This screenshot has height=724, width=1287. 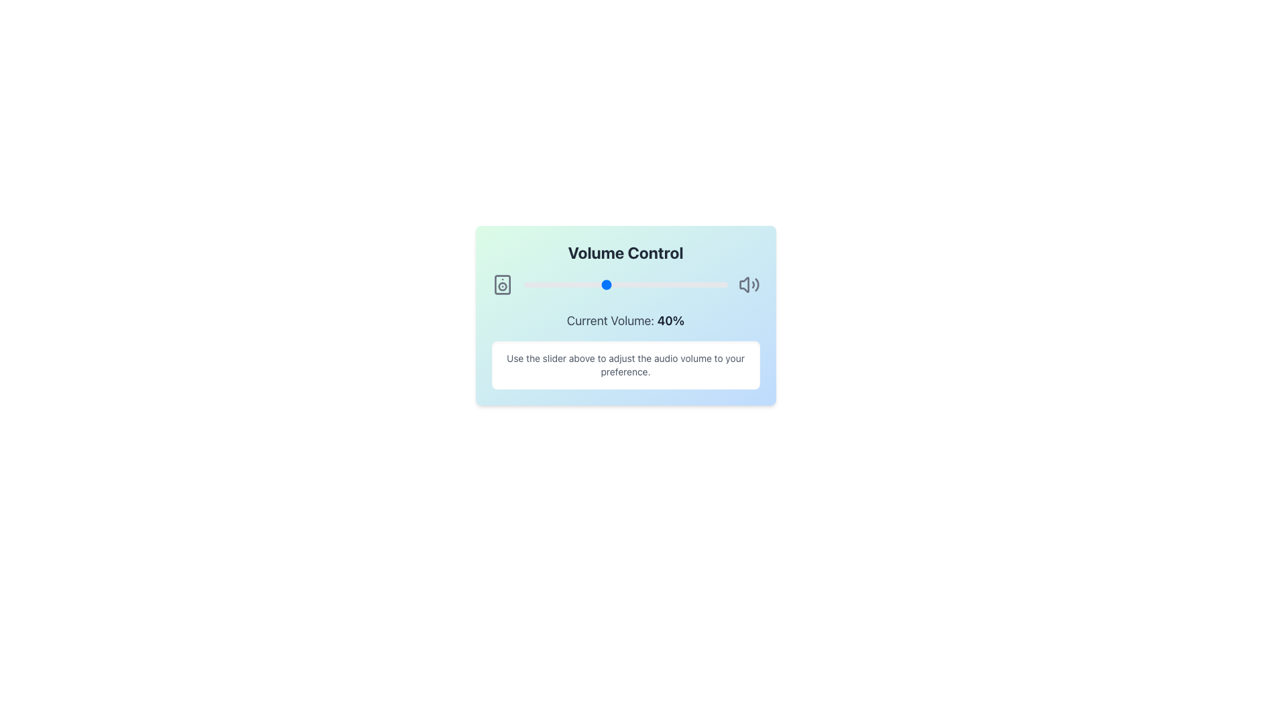 I want to click on the volume level, so click(x=568, y=284).